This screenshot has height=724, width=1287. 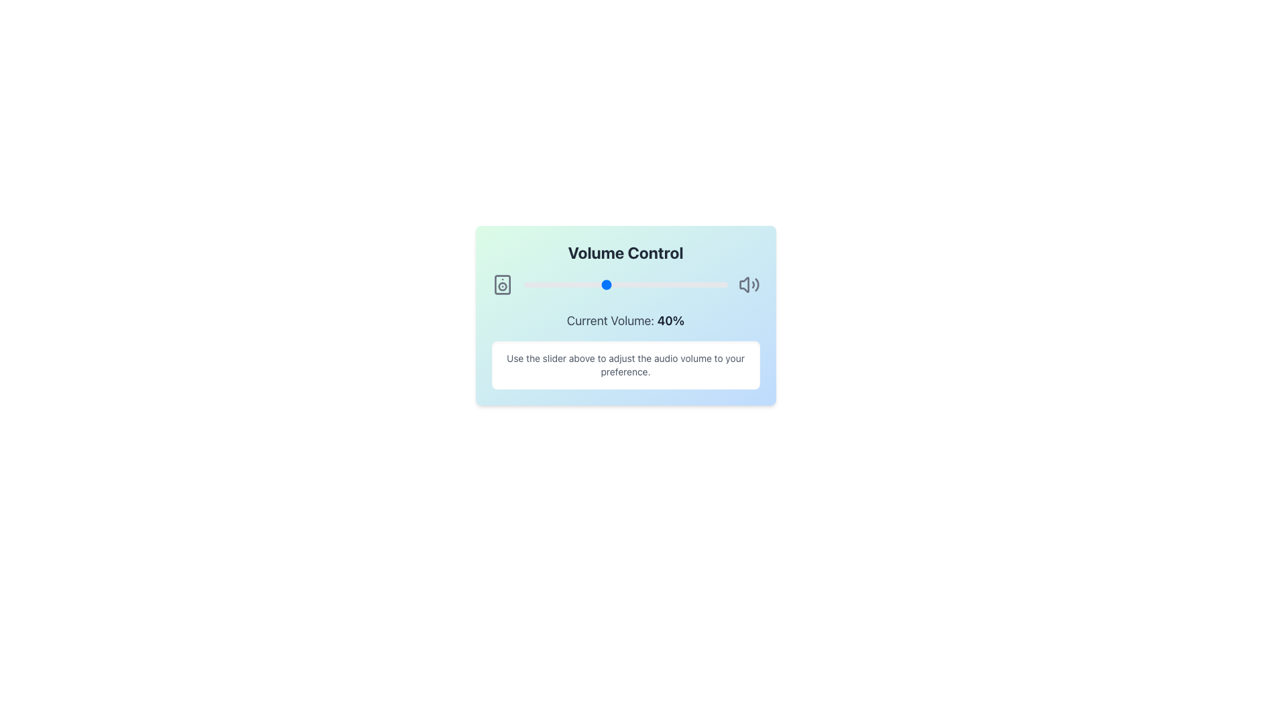 I want to click on the volume level, so click(x=568, y=284).